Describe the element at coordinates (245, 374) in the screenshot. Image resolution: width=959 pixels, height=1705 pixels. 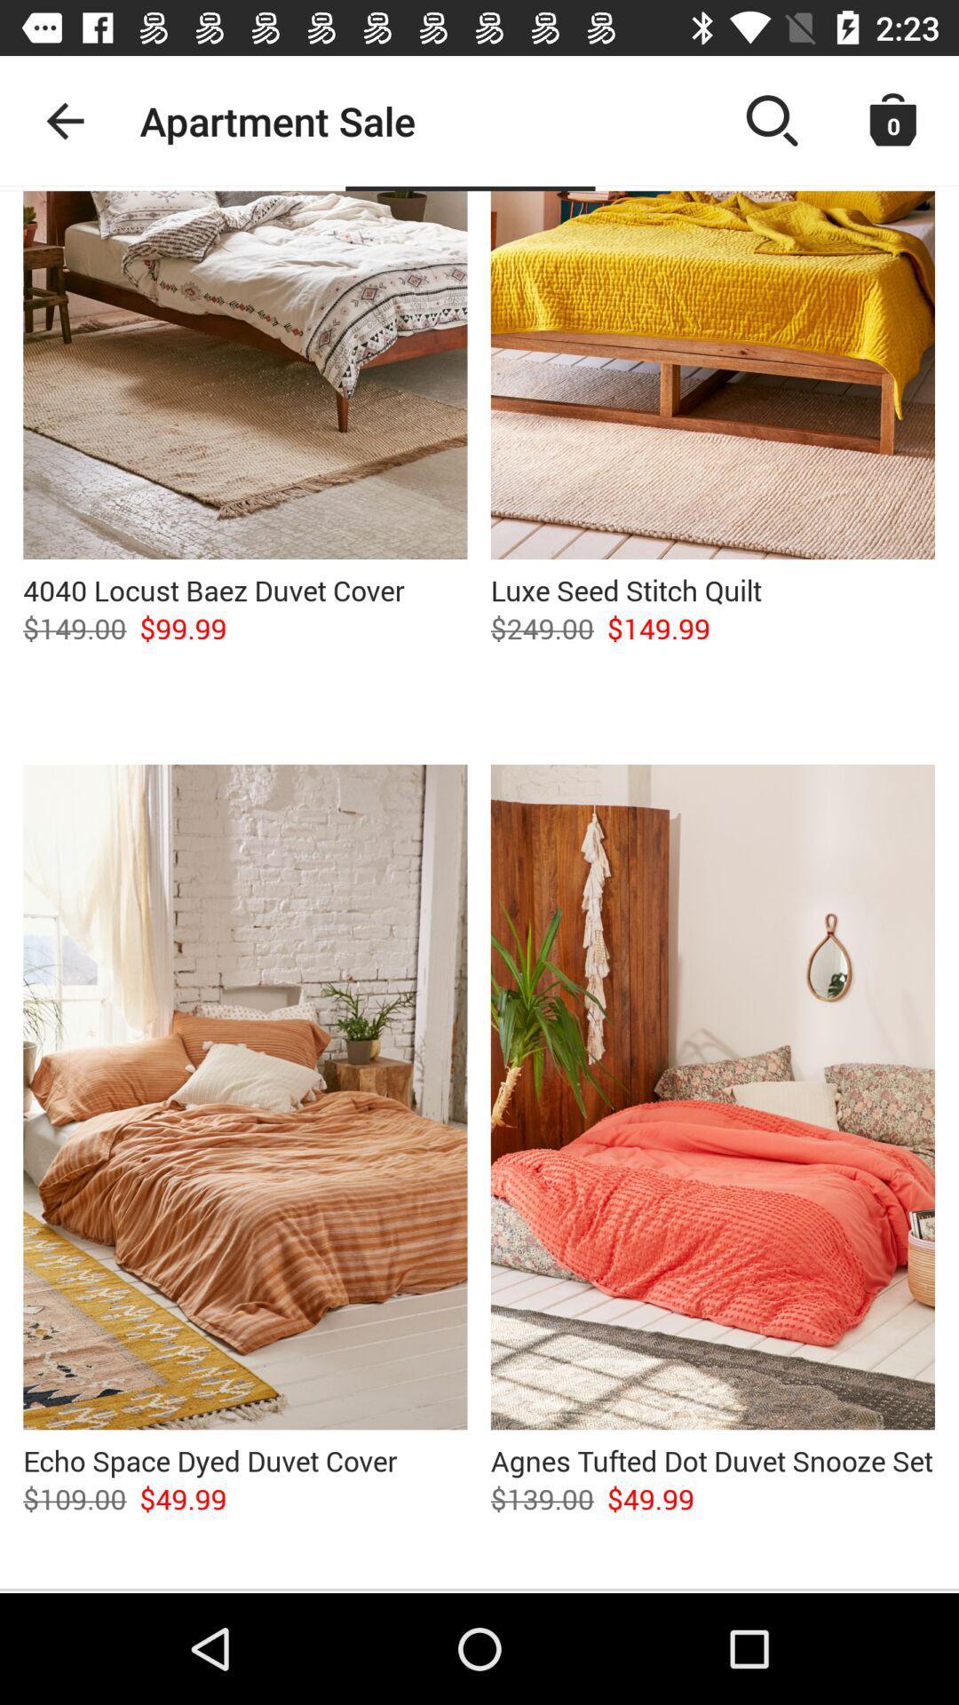
I see `icon above 4040 locust baez duvet cover` at that location.